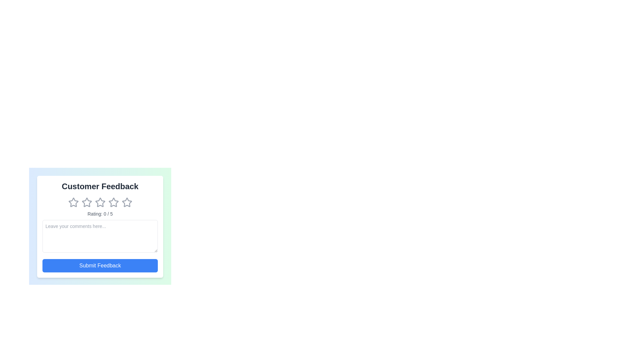 The image size is (642, 361). Describe the element at coordinates (100, 202) in the screenshot. I see `the star corresponding to the desired rating 3` at that location.